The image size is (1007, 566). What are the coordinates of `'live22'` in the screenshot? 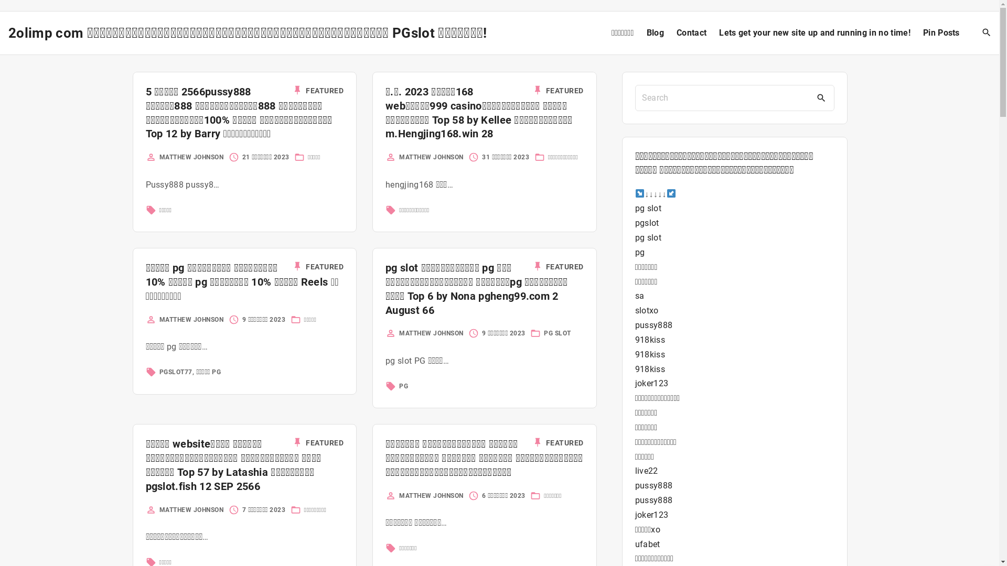 It's located at (646, 470).